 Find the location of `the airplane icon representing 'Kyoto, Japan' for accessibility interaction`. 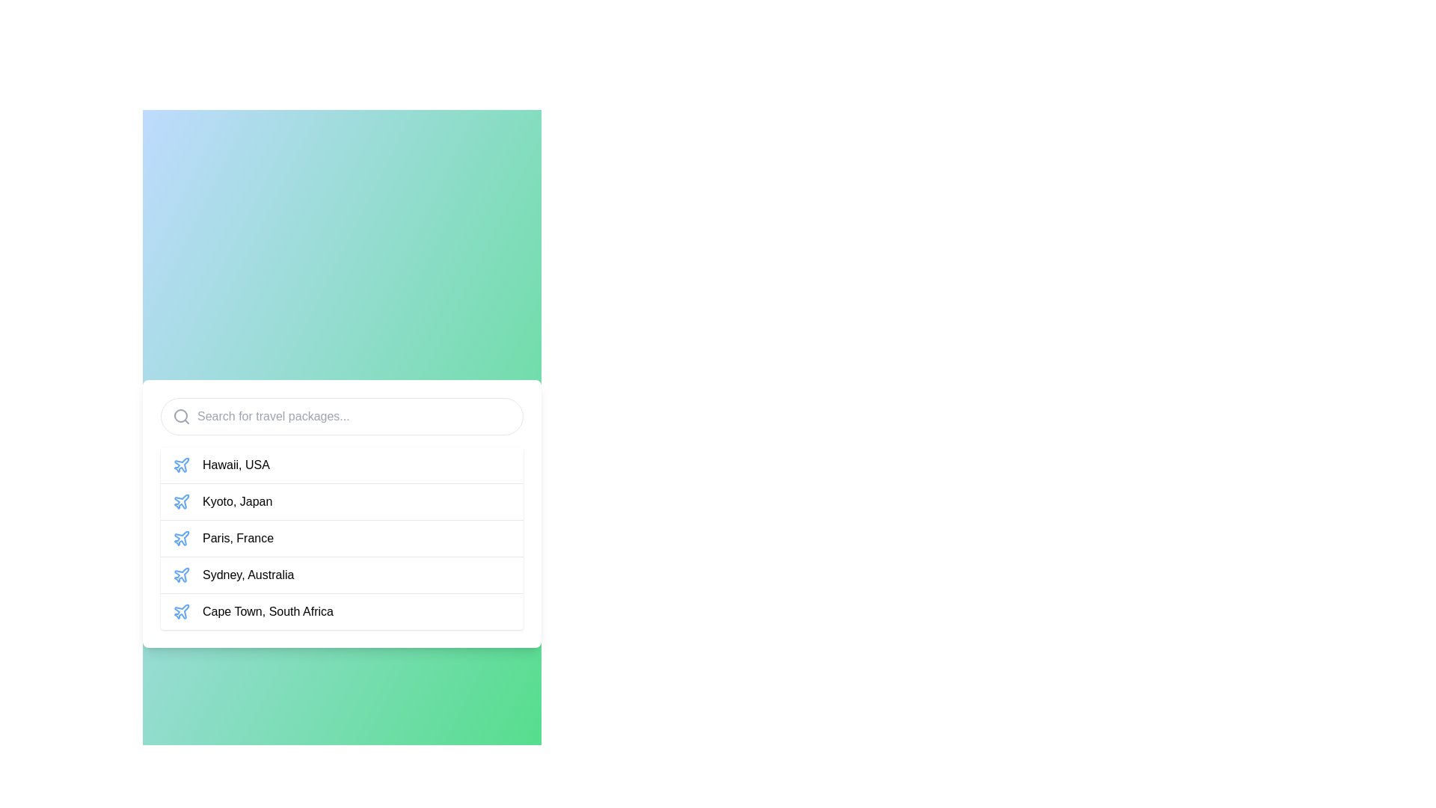

the airplane icon representing 'Kyoto, Japan' for accessibility interaction is located at coordinates (181, 501).